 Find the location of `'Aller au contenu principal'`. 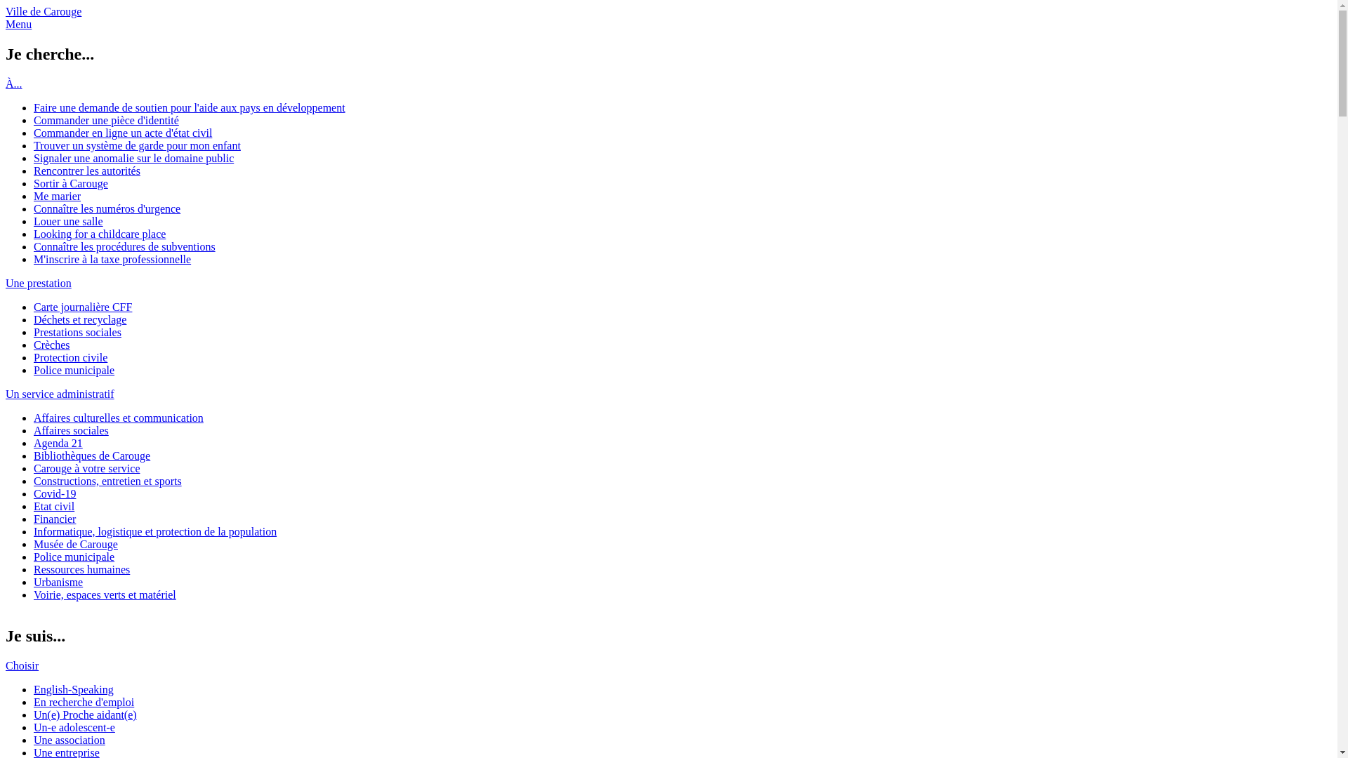

'Aller au contenu principal' is located at coordinates (63, 6).